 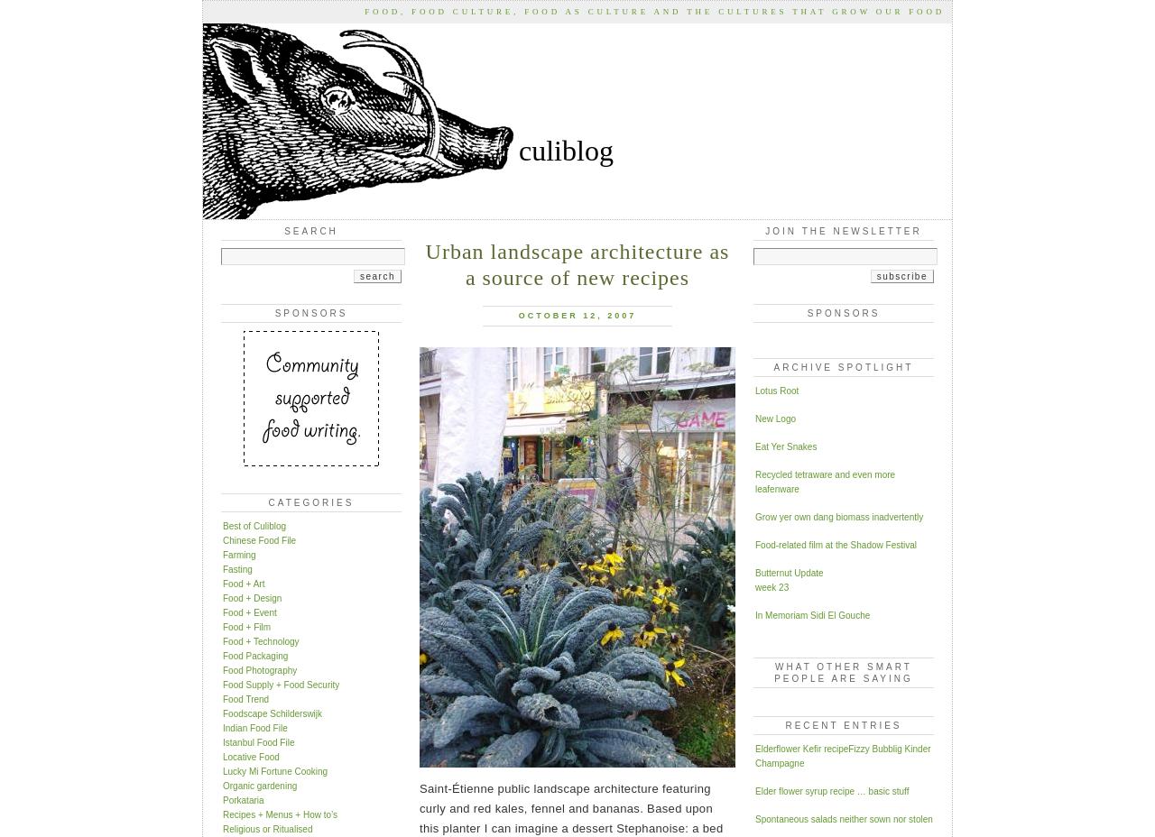 What do you see at coordinates (257, 741) in the screenshot?
I see `'Istanbul Food File'` at bounding box center [257, 741].